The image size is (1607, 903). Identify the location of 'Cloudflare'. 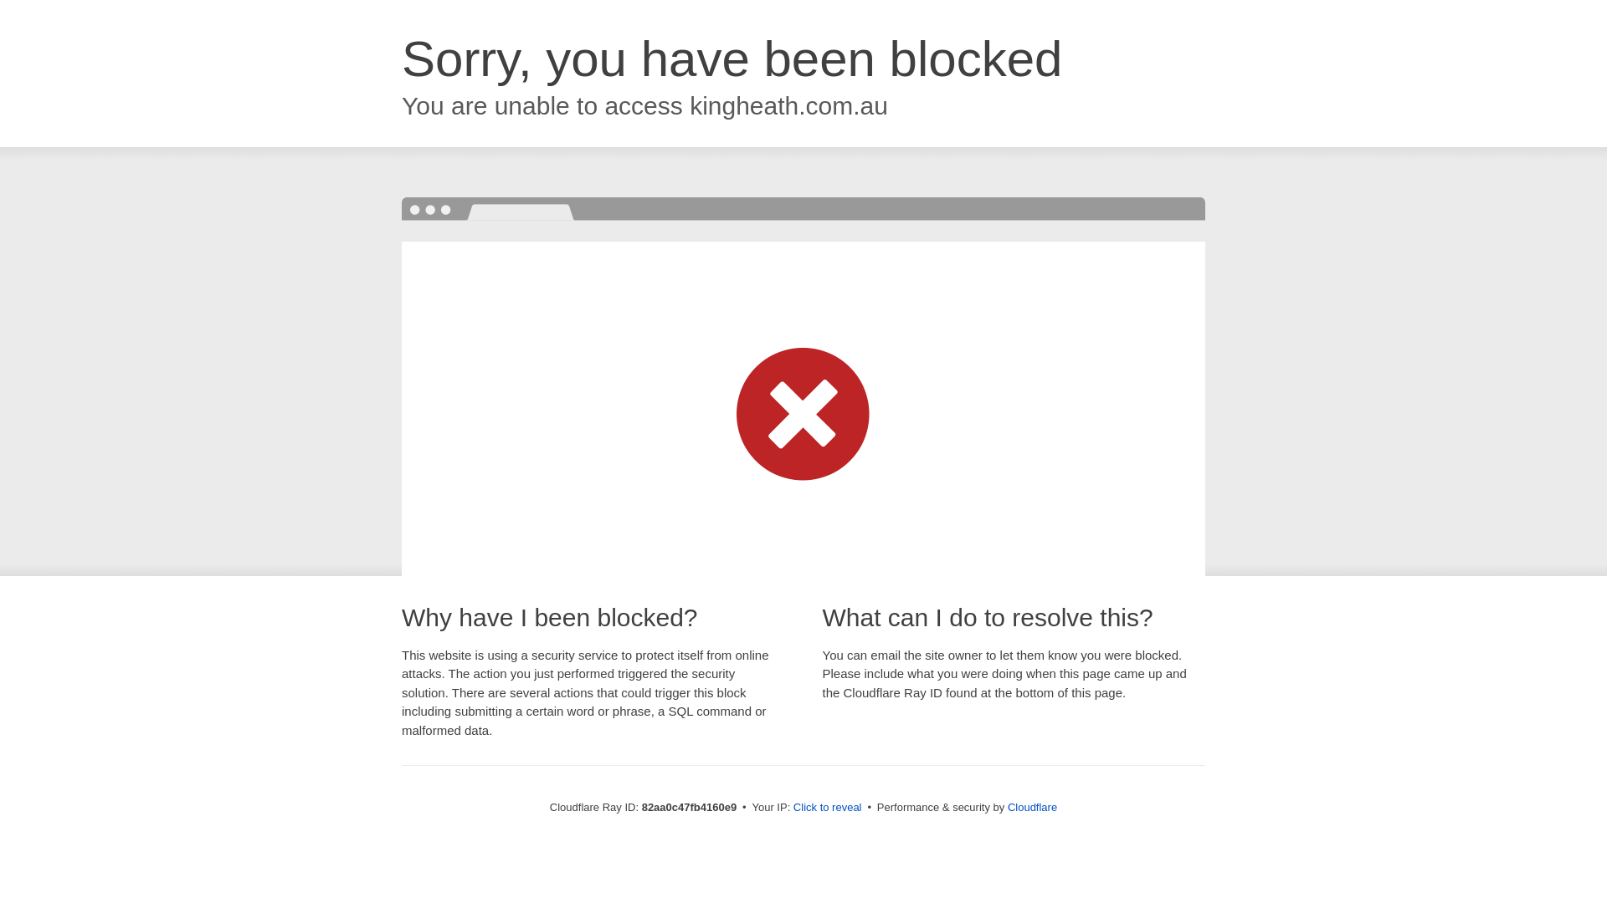
(1031, 806).